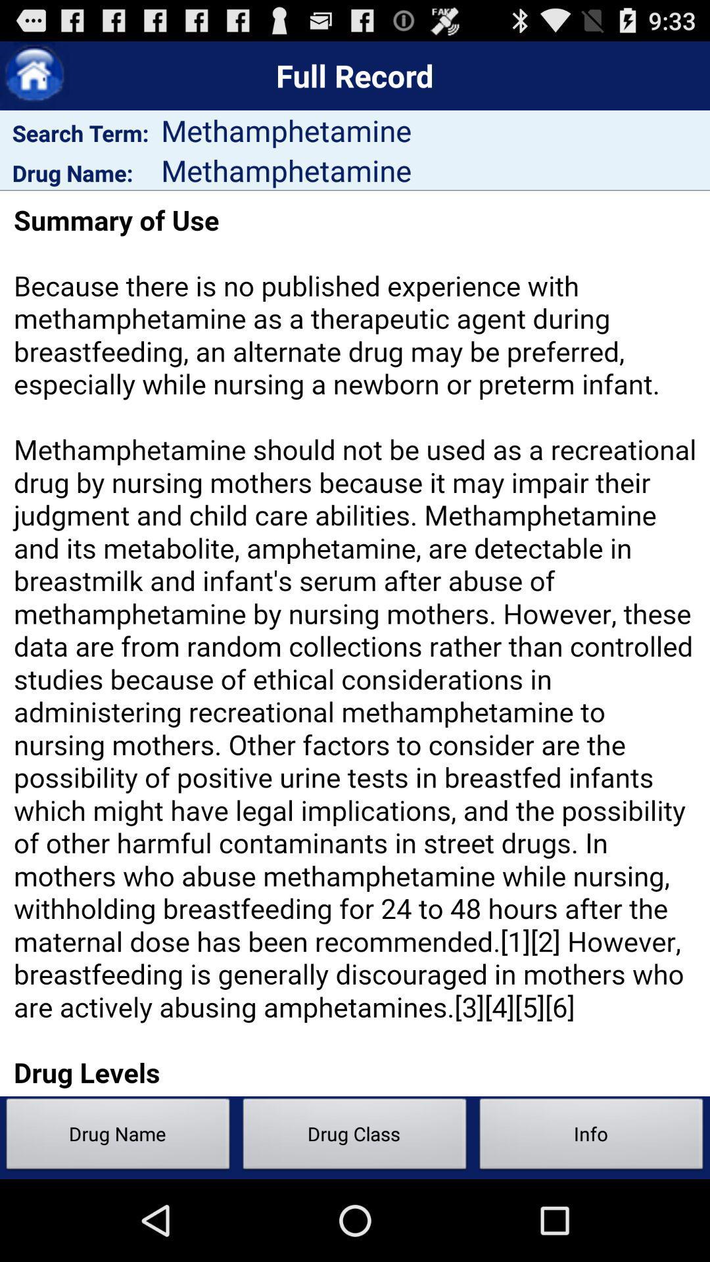  What do you see at coordinates (34, 75) in the screenshot?
I see `icon option` at bounding box center [34, 75].